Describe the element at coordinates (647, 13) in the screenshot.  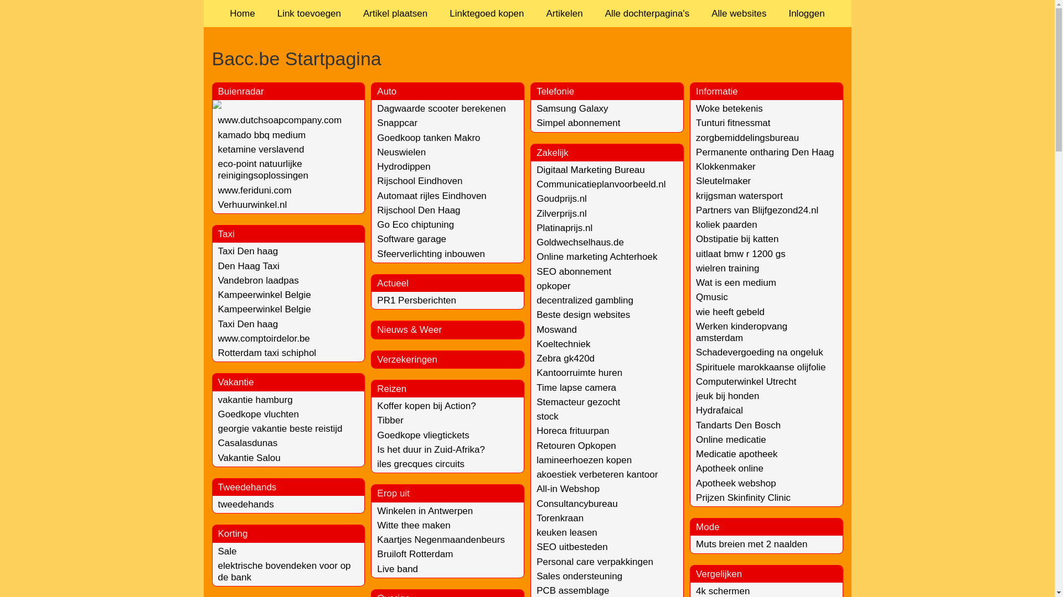
I see `'Alle dochterpagina's'` at that location.